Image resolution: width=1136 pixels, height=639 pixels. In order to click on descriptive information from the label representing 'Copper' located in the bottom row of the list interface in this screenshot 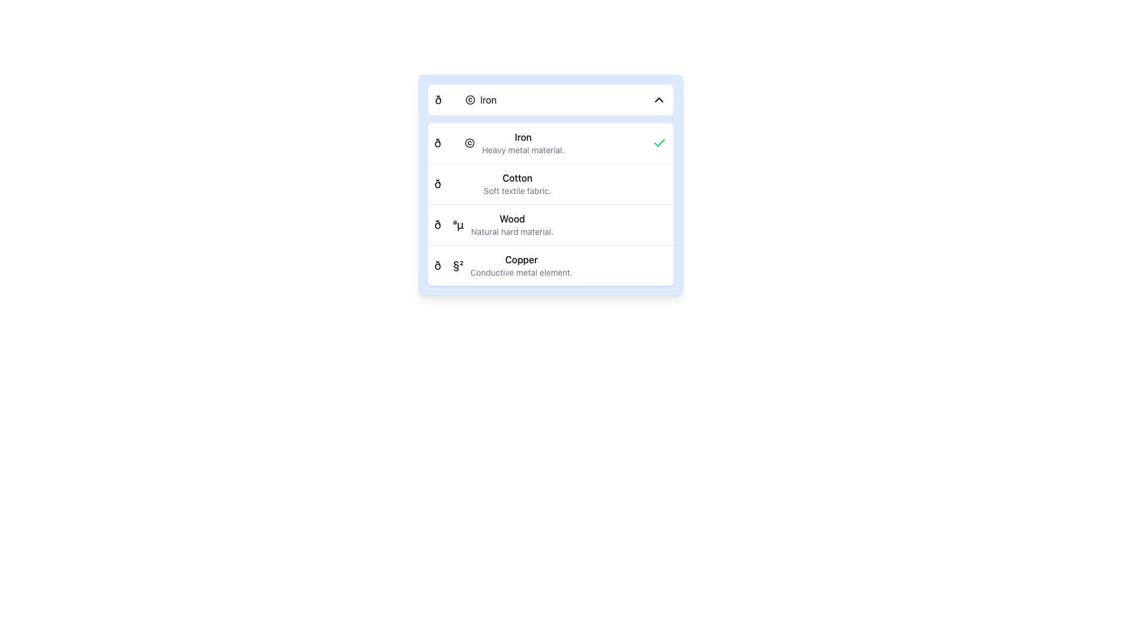, I will do `click(504, 264)`.